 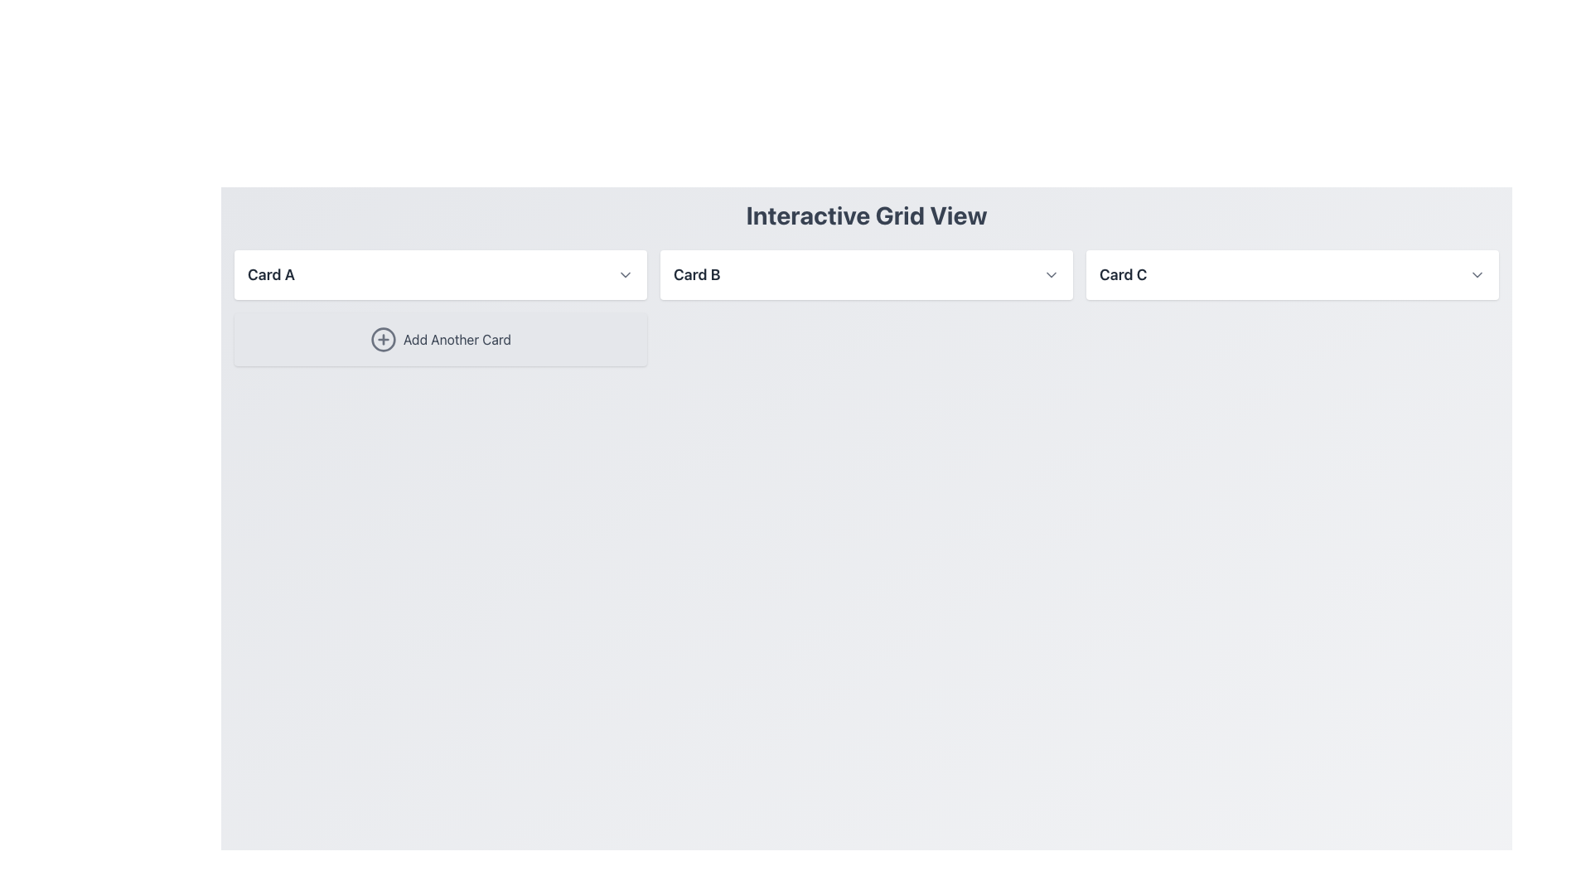 What do you see at coordinates (697, 273) in the screenshot?
I see `the text label 'Card B', which is styled in bold, medium-large font and is dark gray in color, located in the middle card section of a horizontal layout` at bounding box center [697, 273].